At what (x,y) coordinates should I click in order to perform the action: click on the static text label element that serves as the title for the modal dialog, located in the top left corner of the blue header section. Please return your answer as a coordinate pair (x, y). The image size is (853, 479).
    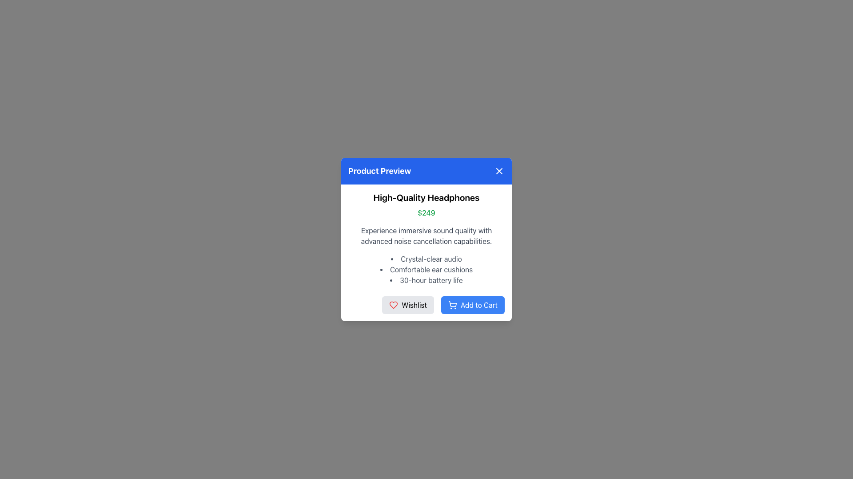
    Looking at the image, I should click on (379, 171).